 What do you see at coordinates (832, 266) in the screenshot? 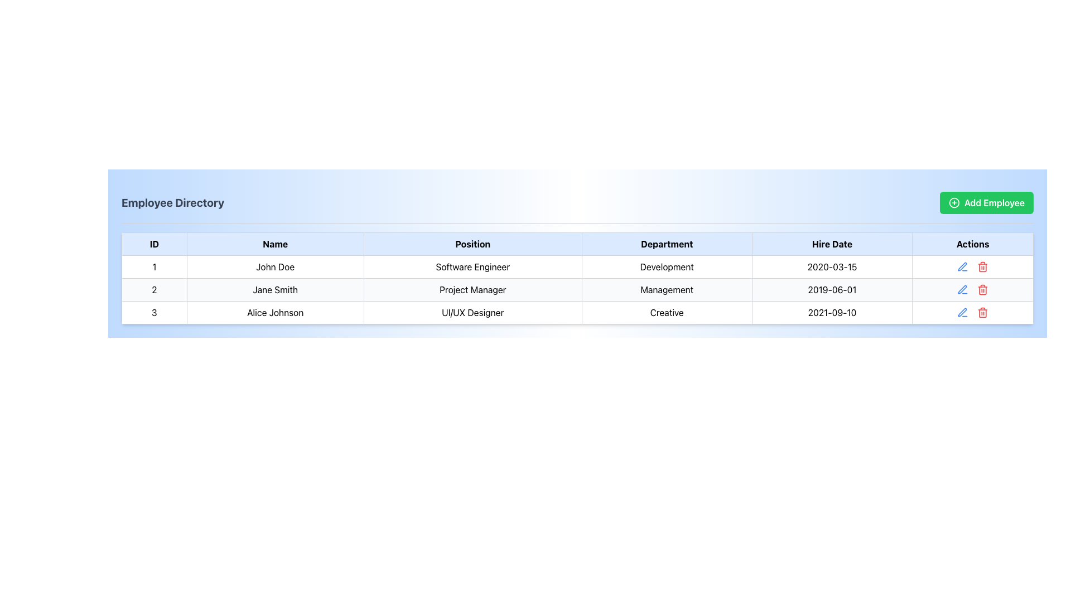
I see `the non-interactive Text Display that shows the hire date for the employee in the first row of the table, located in the 'Hire Date' column` at bounding box center [832, 266].